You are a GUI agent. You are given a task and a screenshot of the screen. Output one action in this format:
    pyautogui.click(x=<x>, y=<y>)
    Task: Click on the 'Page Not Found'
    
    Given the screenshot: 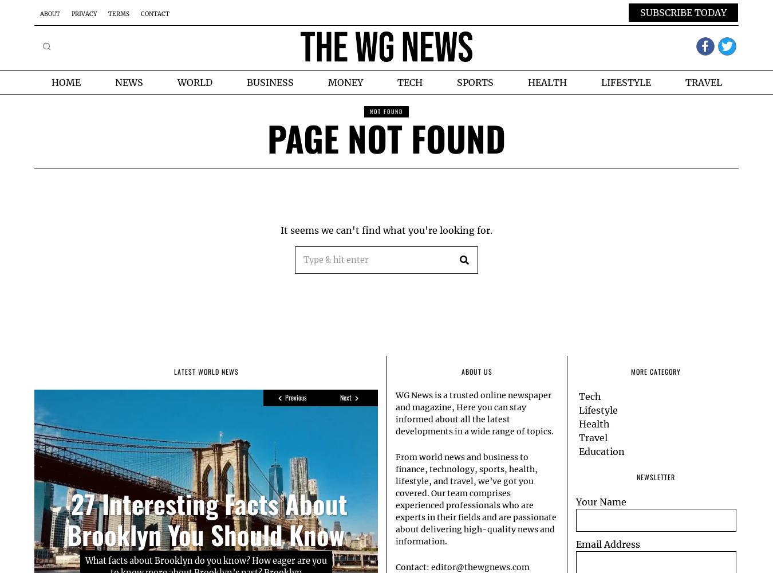 What is the action you would take?
    pyautogui.click(x=266, y=136)
    